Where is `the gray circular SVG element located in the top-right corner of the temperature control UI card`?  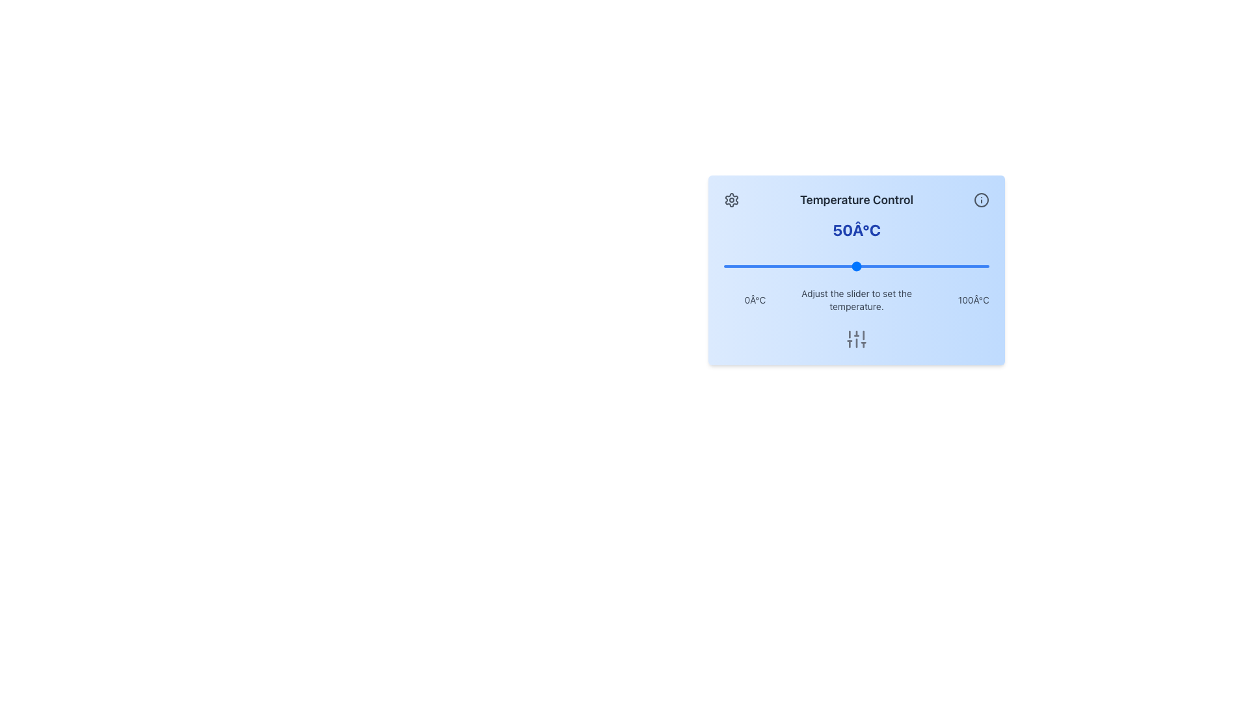
the gray circular SVG element located in the top-right corner of the temperature control UI card is located at coordinates (981, 200).